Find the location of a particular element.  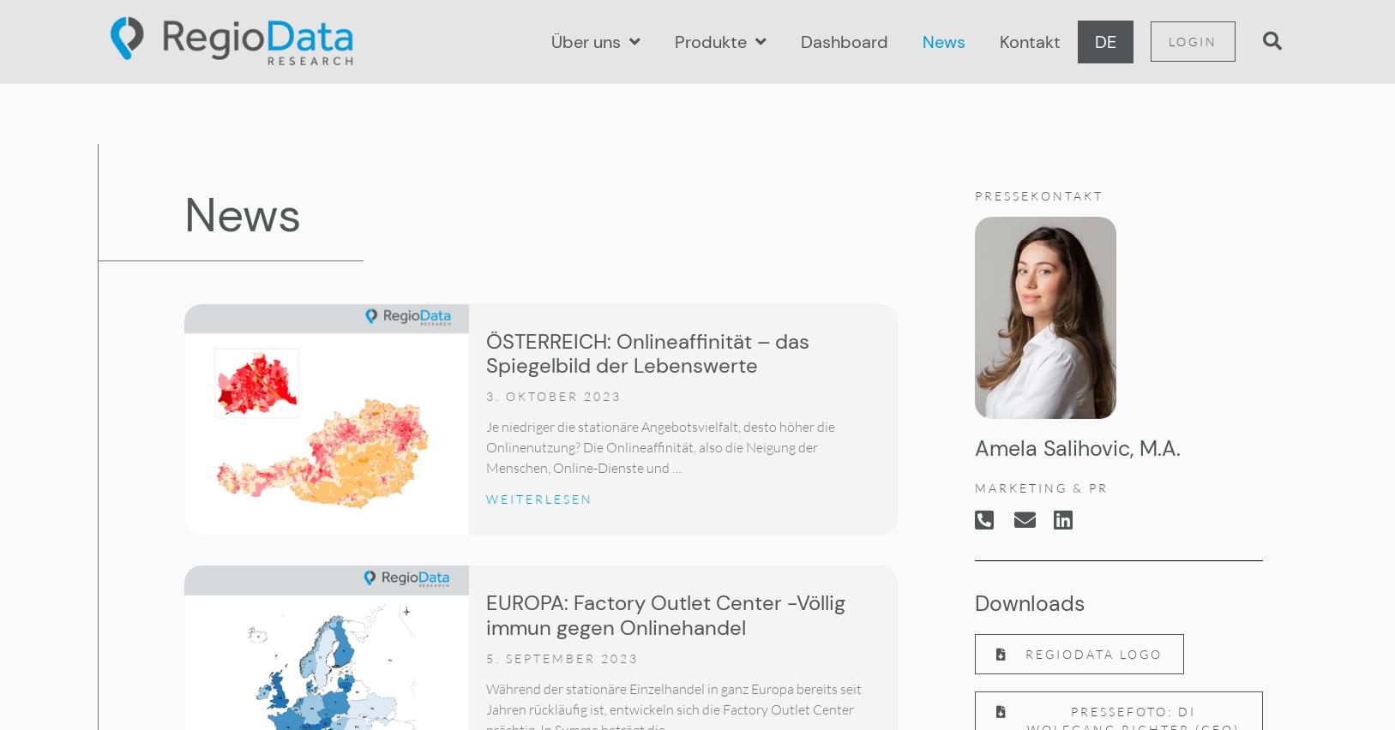

'EUROPA: Factory Outlet Center -Völlig immun gegen Onlinehandel' is located at coordinates (664, 613).